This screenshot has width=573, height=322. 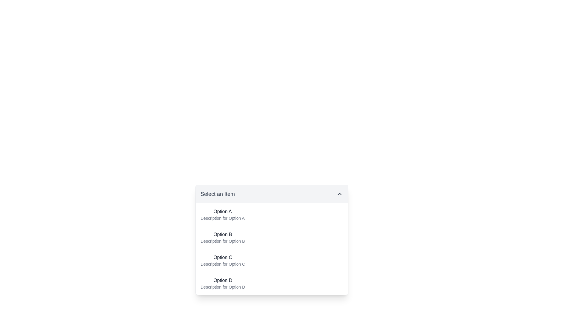 I want to click on the upward-facing chevron icon located in the top-right corner of the 'Select an Item' section, so click(x=339, y=194).